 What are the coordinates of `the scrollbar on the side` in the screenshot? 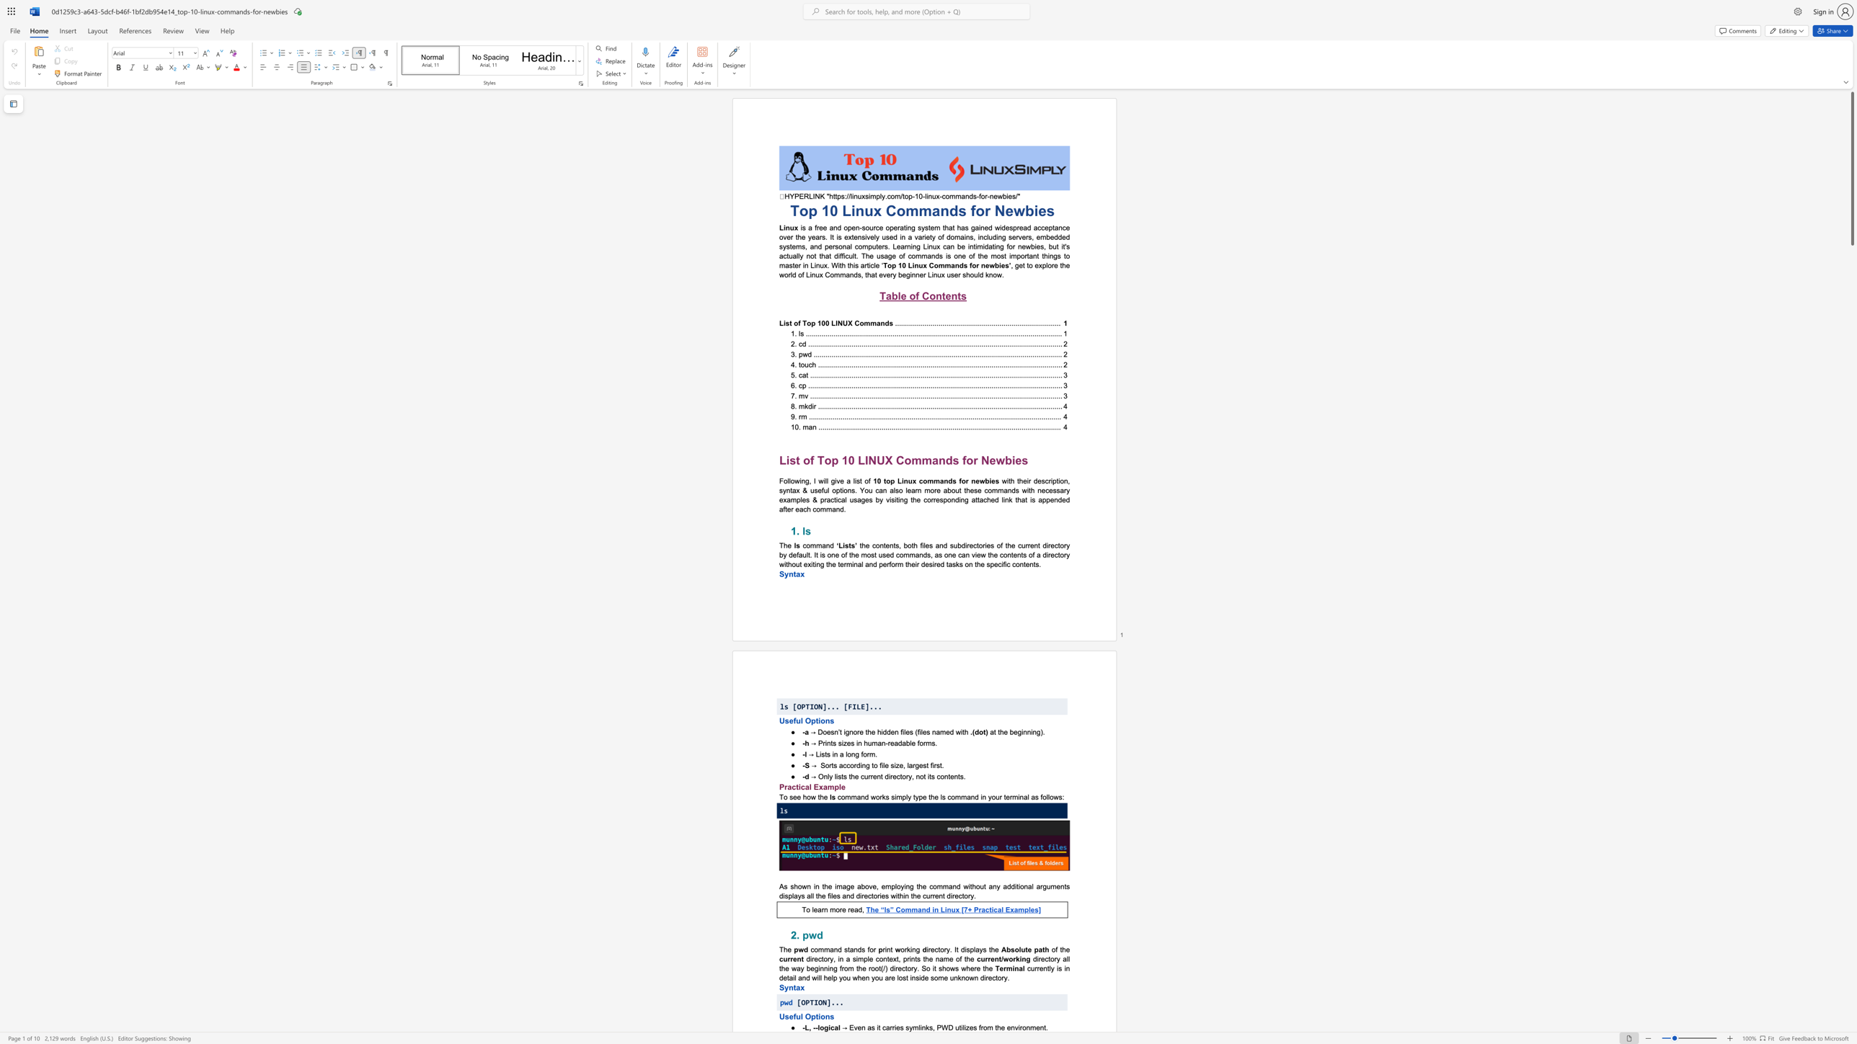 It's located at (1851, 733).